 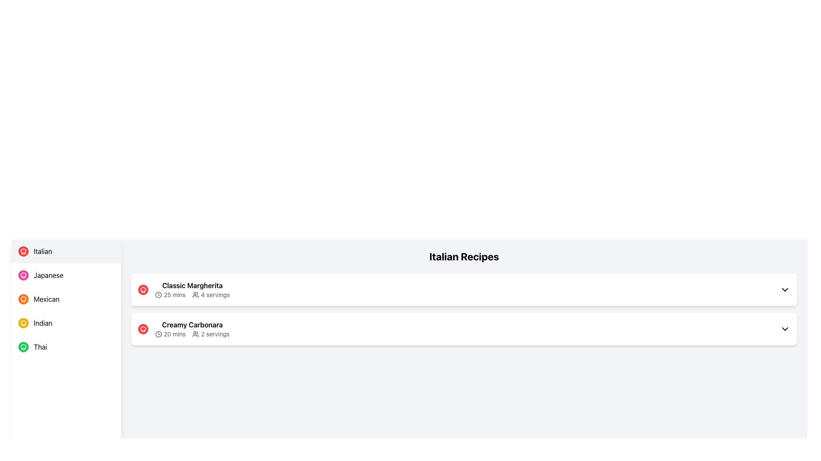 I want to click on the first recipe entry in the 'Italian Recipes' list, which provides details about a recipe including its name, preparation time, and number of servings, so click(x=183, y=289).